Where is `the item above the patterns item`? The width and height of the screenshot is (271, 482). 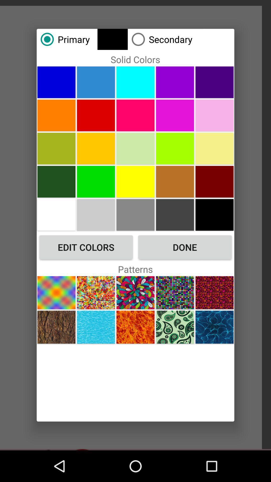
the item above the patterns item is located at coordinates (185, 247).